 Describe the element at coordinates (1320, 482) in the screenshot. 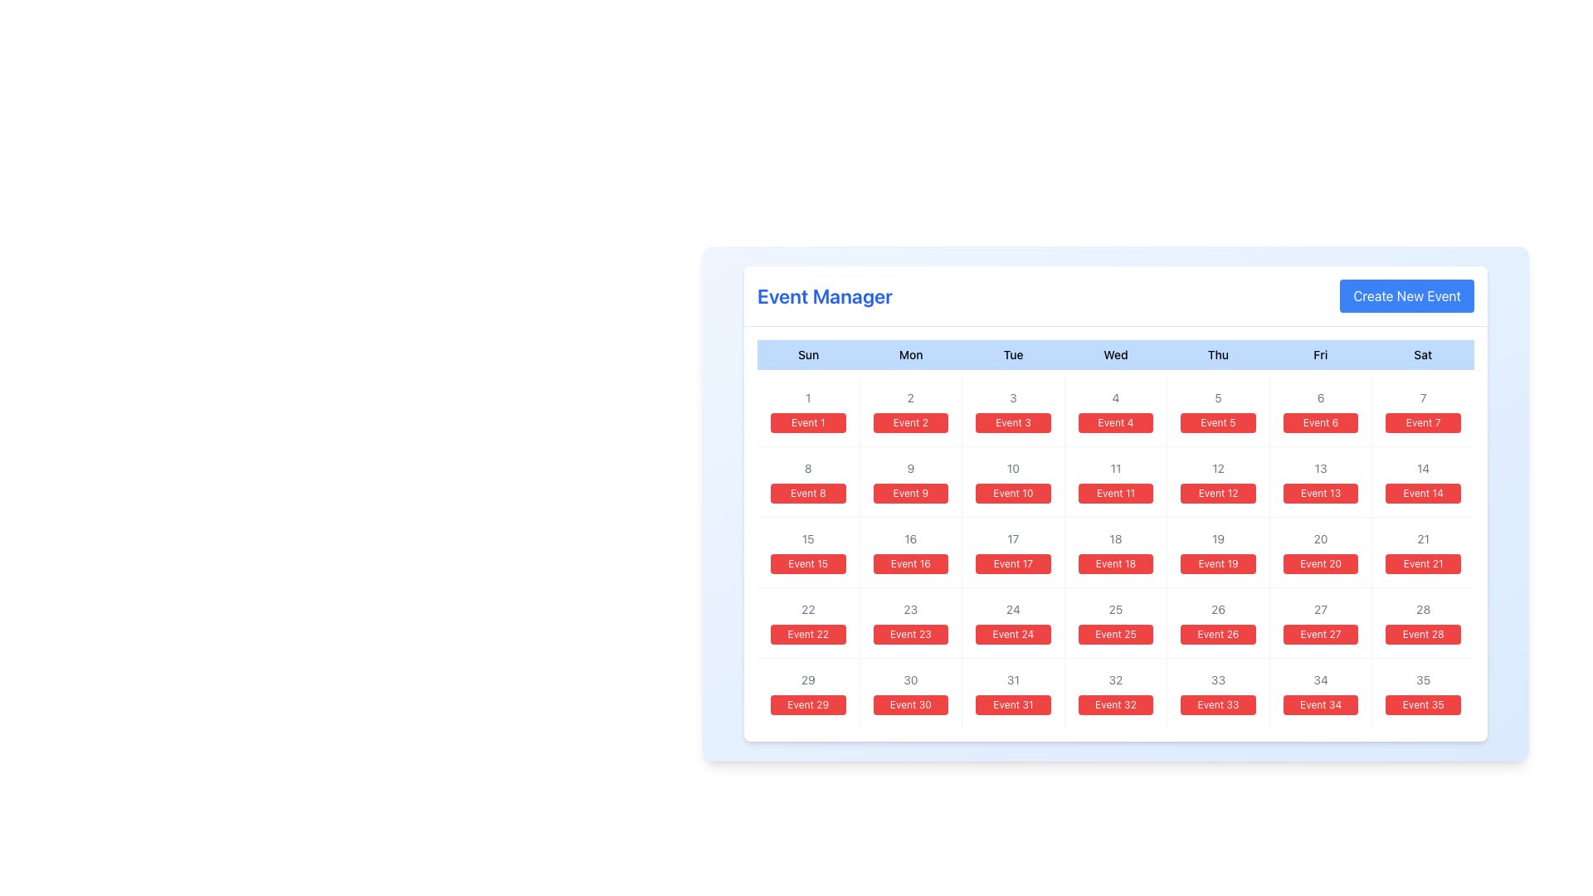

I see `the button with a red background and white text reading 'Event 13', which is the 35th element` at that location.